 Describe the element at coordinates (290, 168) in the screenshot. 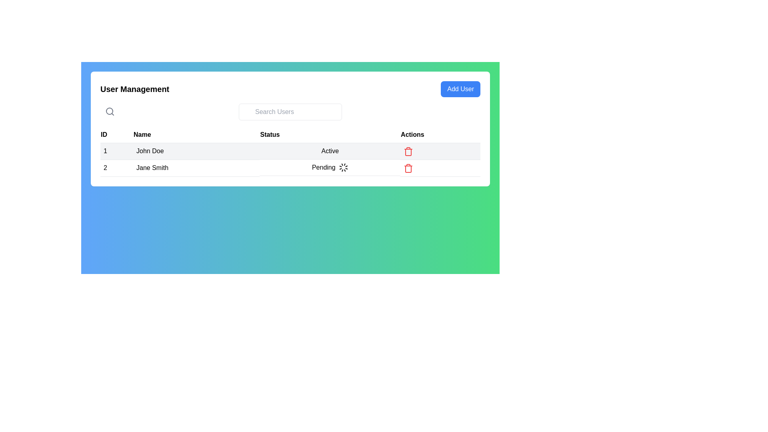

I see `the status of the second row in the 'User Management' table, which displays 'Pending' for user 'Jane Smith'` at that location.